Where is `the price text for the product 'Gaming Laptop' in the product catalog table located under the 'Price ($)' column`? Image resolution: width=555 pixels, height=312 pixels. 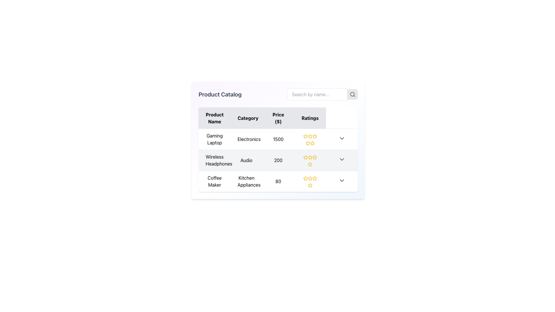 the price text for the product 'Gaming Laptop' in the product catalog table located under the 'Price ($)' column is located at coordinates (278, 139).